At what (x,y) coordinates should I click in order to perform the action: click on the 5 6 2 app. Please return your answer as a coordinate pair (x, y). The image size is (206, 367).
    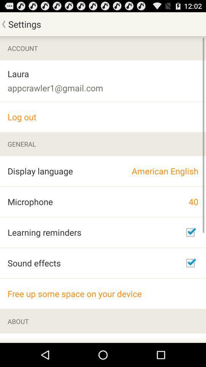
    Looking at the image, I should click on (42, 338).